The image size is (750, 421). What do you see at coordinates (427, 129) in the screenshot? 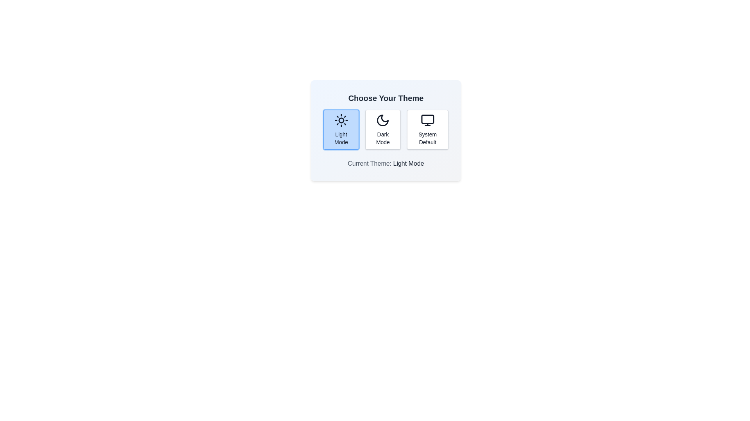
I see `the theme button corresponding to System Default to observe visual changes` at bounding box center [427, 129].